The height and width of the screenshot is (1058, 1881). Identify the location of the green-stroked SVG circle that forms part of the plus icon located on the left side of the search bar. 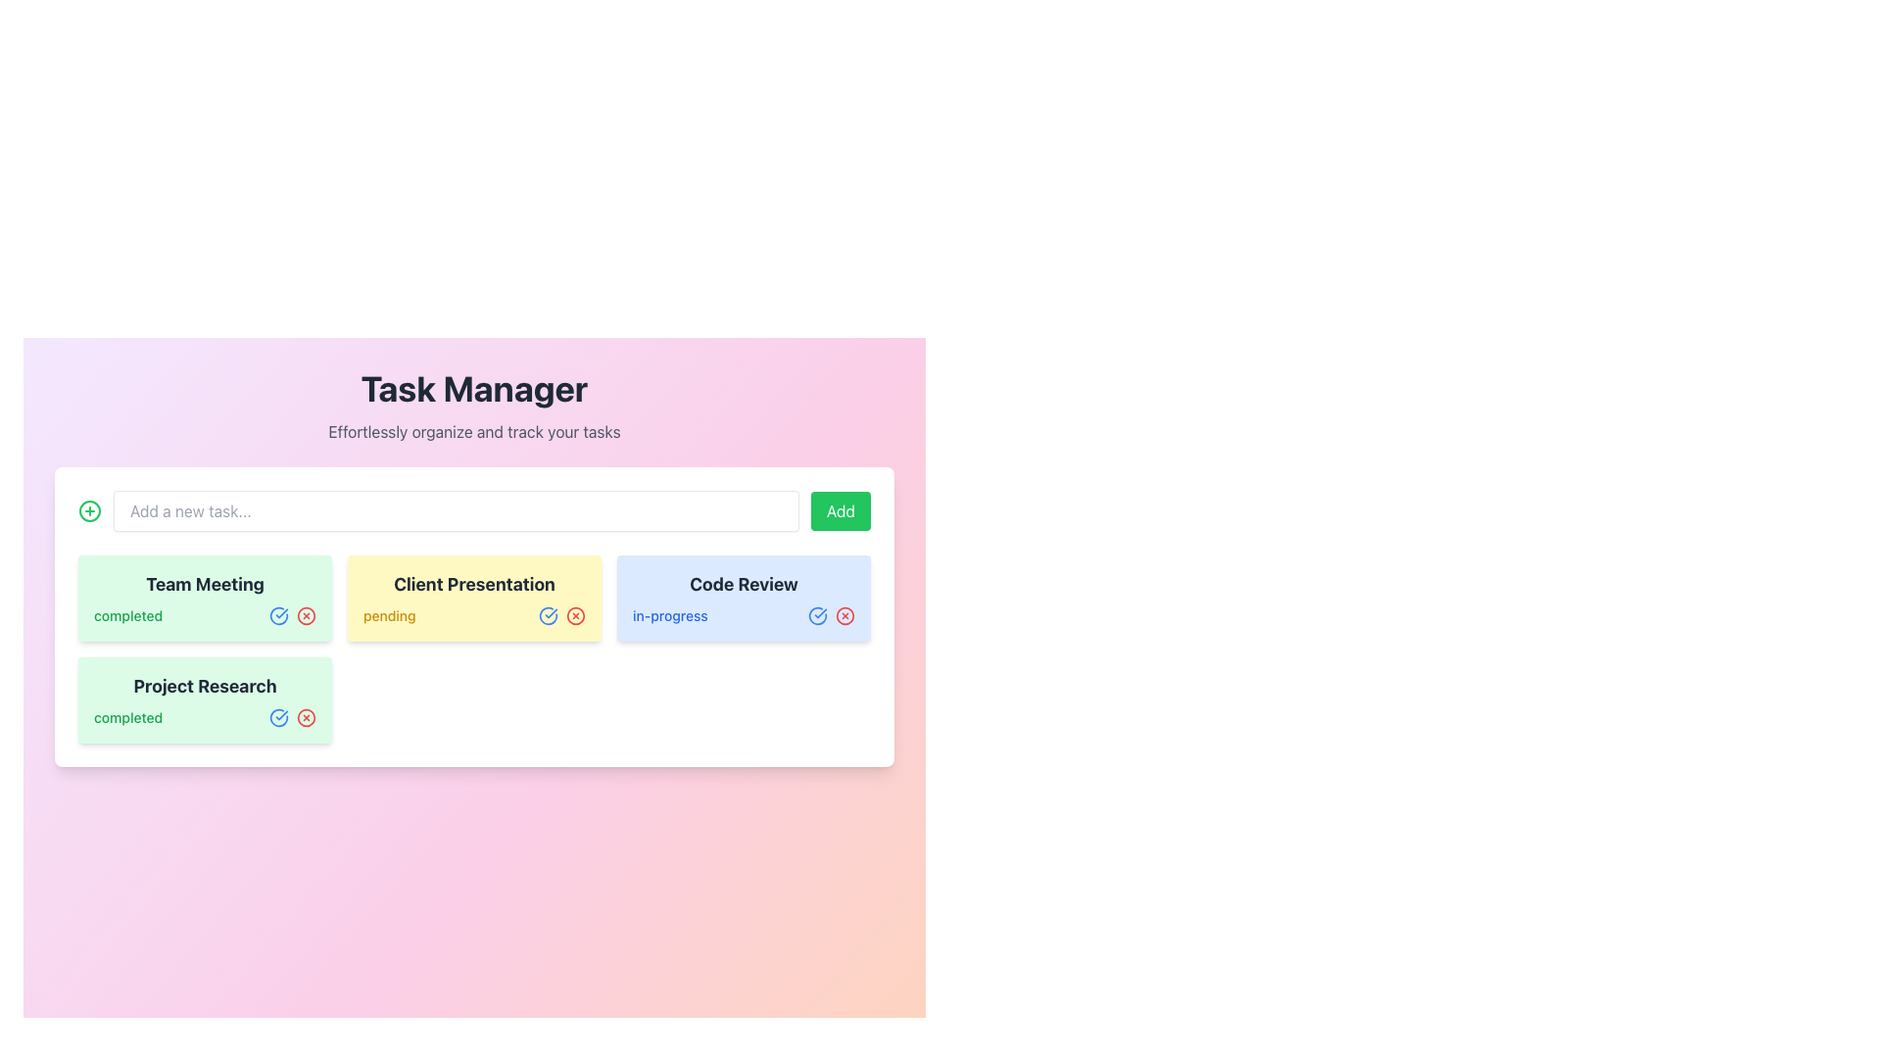
(88, 509).